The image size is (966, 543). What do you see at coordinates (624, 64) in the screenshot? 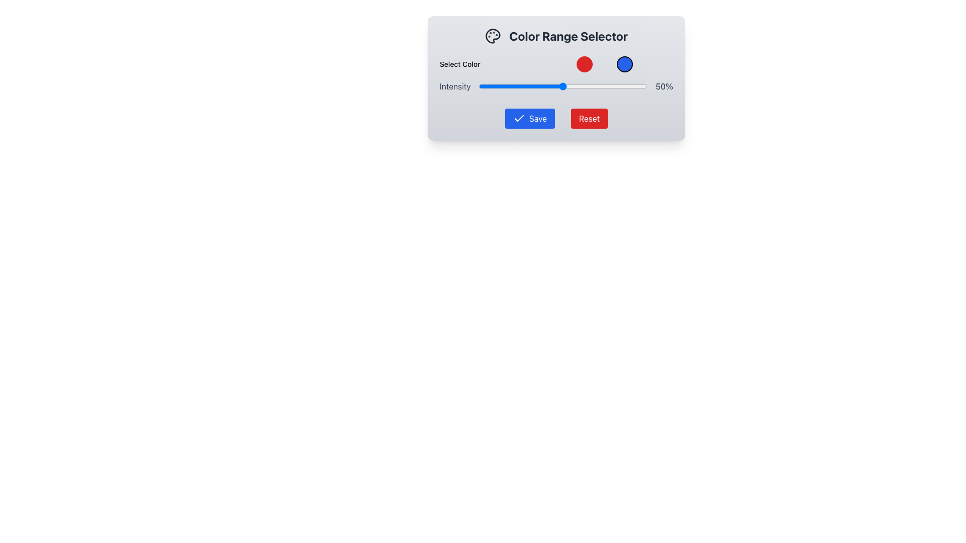
I see `the third circular button from the left in the upper half of the interface` at bounding box center [624, 64].